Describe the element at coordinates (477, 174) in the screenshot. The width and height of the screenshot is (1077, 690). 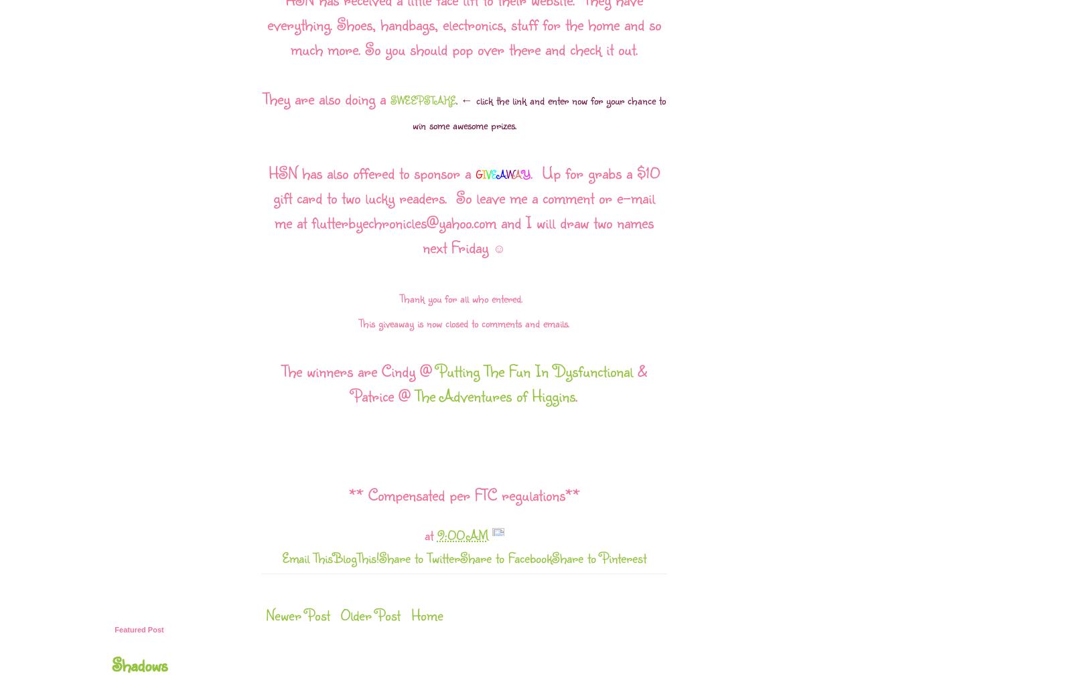
I see `'G'` at that location.